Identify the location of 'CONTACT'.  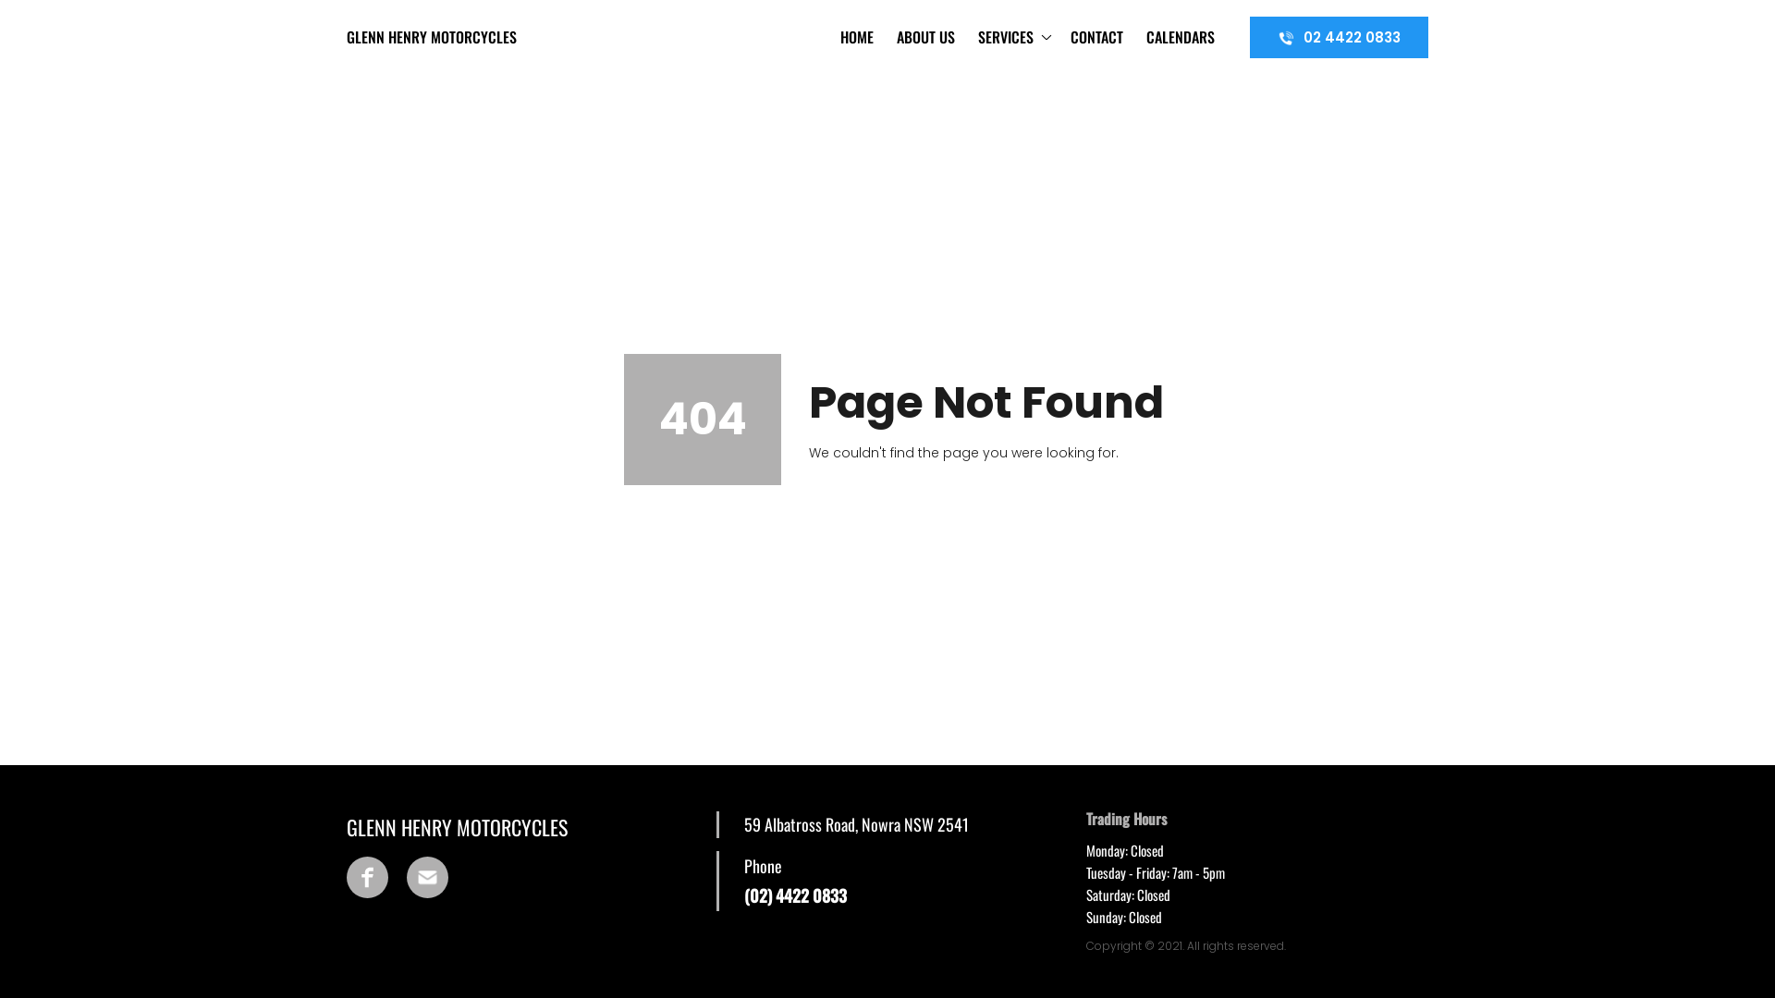
(1064, 36).